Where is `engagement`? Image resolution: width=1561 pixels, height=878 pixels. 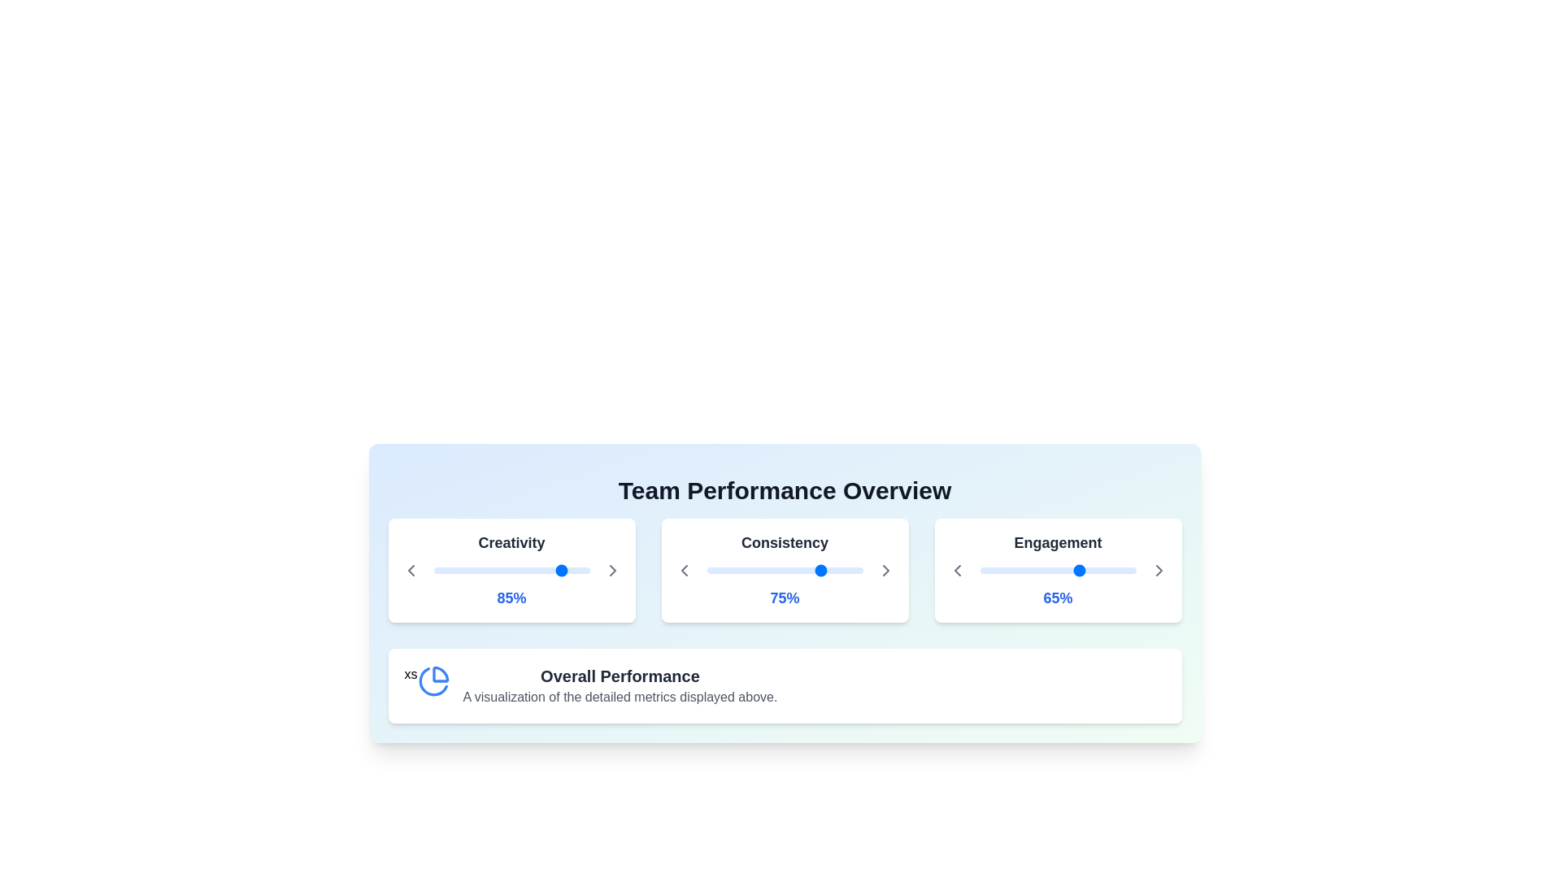 engagement is located at coordinates (1020, 570).